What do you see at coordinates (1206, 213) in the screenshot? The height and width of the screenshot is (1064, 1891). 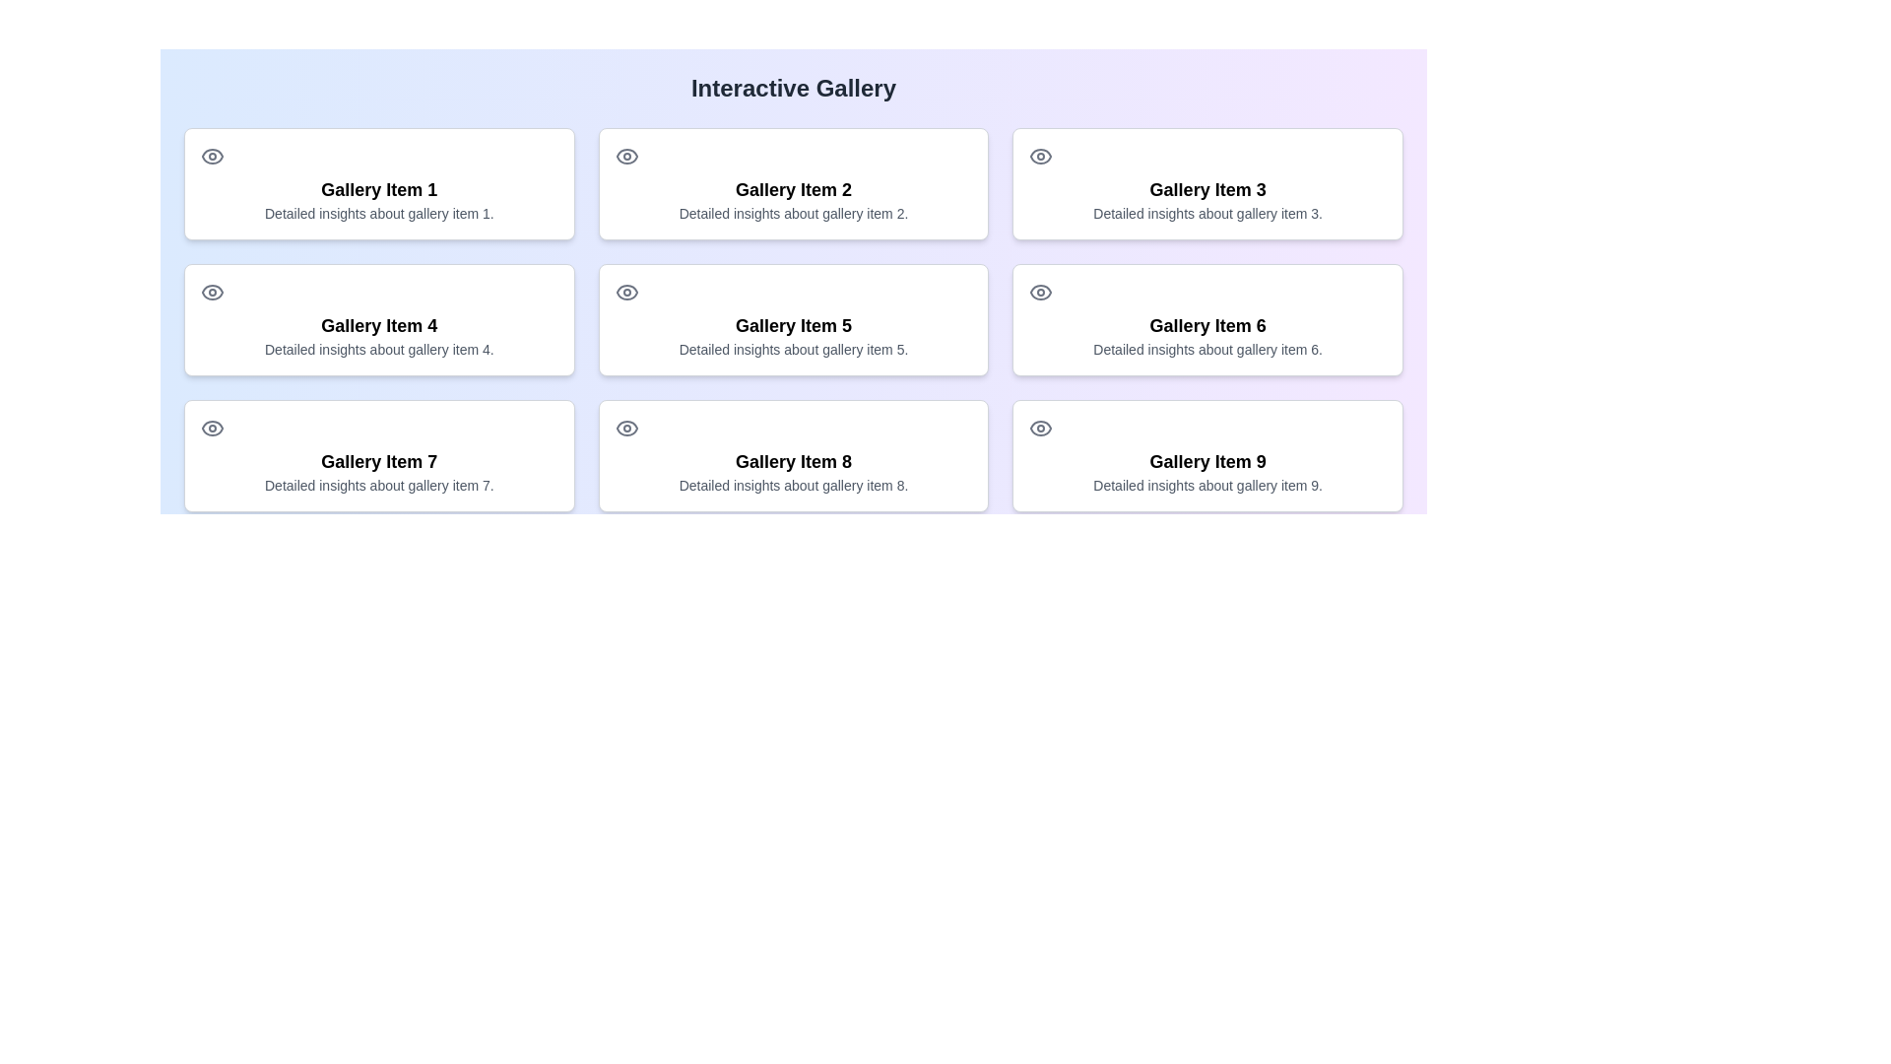 I see `the text label providing supplementary information for 'Gallery Item 3', located in the third card of the first row in a 3x3 grid layout` at bounding box center [1206, 213].